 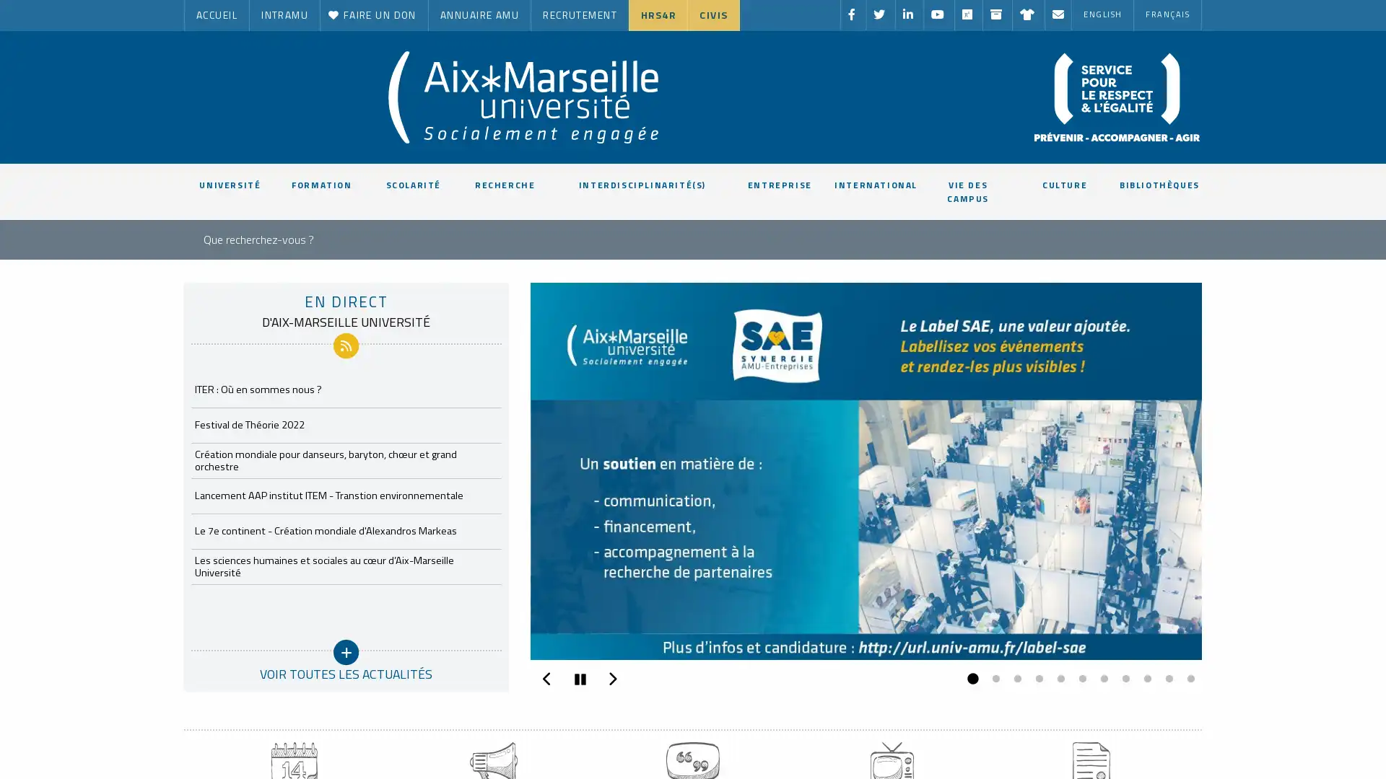 I want to click on Go to slide 4, so click(x=1035, y=679).